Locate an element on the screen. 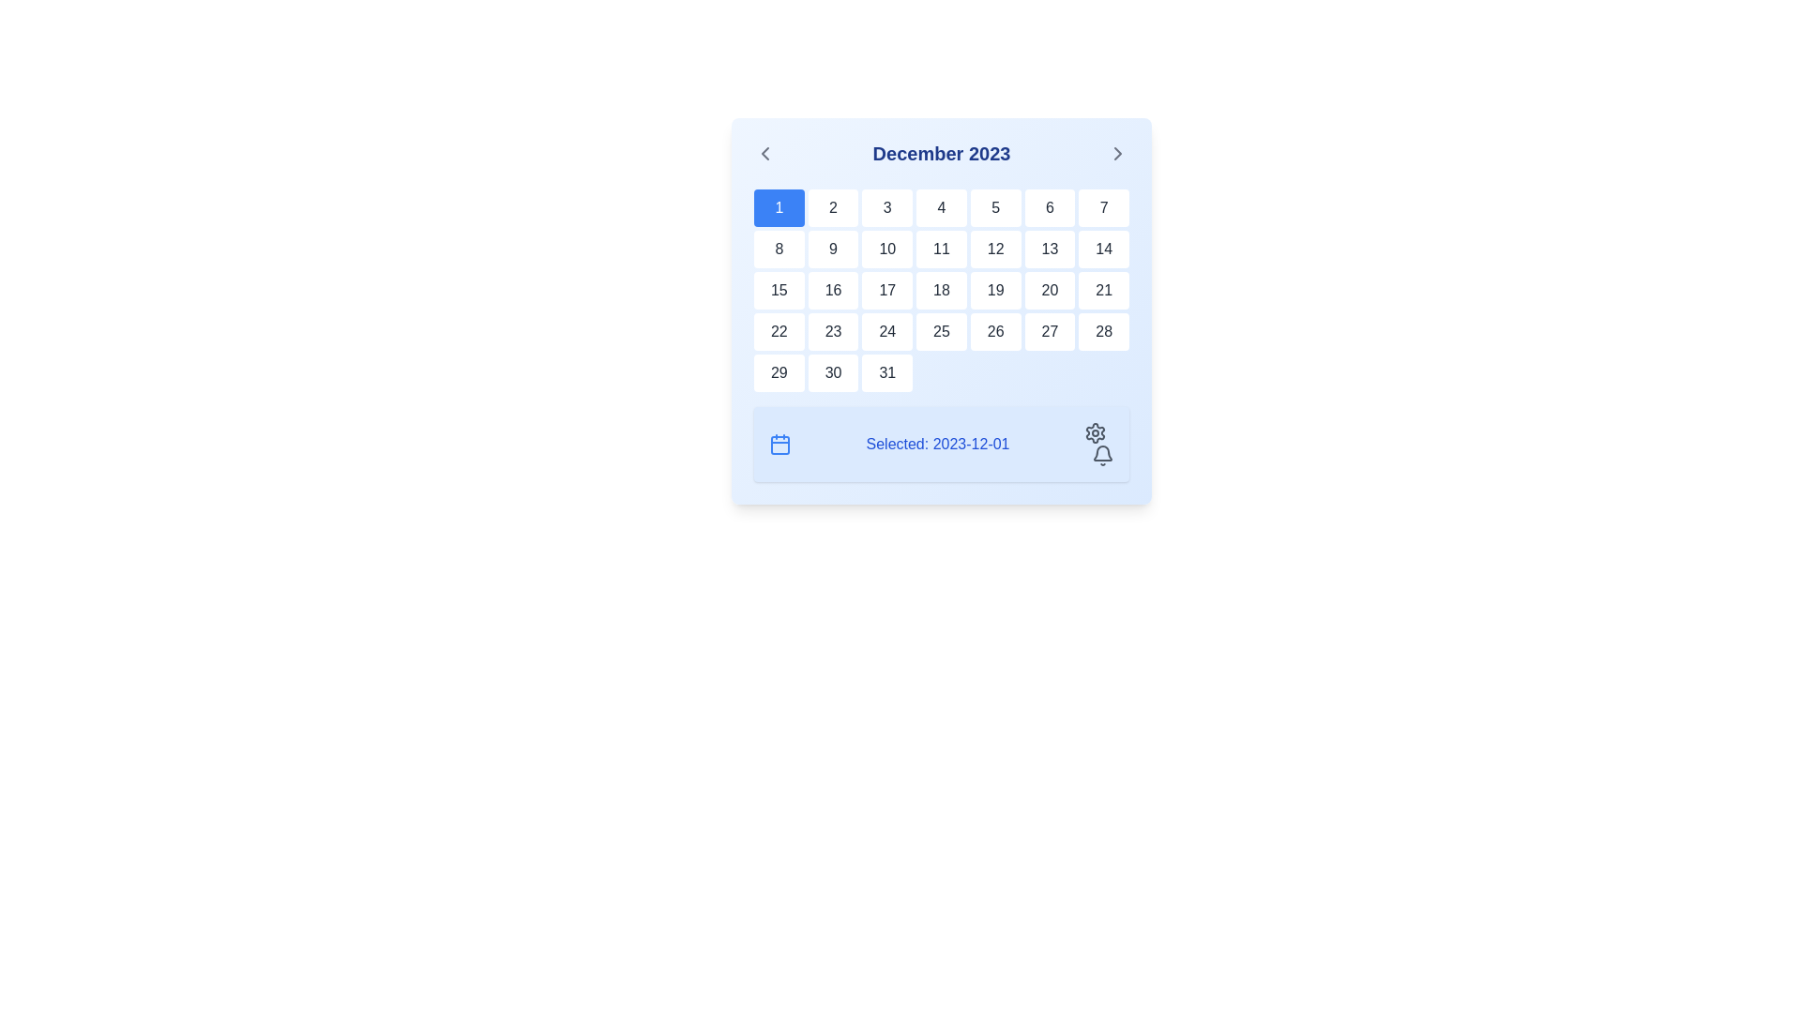 This screenshot has height=1013, width=1801. the square button labeled '3' which has a white background and dark gray text is located at coordinates (886, 208).